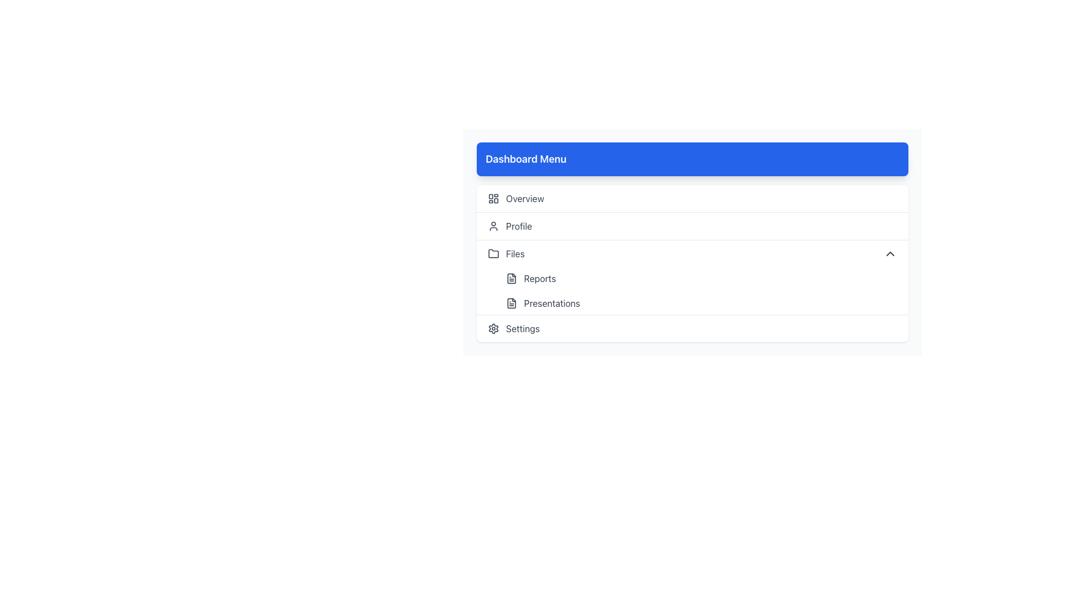 Image resolution: width=1082 pixels, height=608 pixels. I want to click on the header element that serves as the title for the menu section, located at the top-left corner of the visible menu area, so click(525, 159).